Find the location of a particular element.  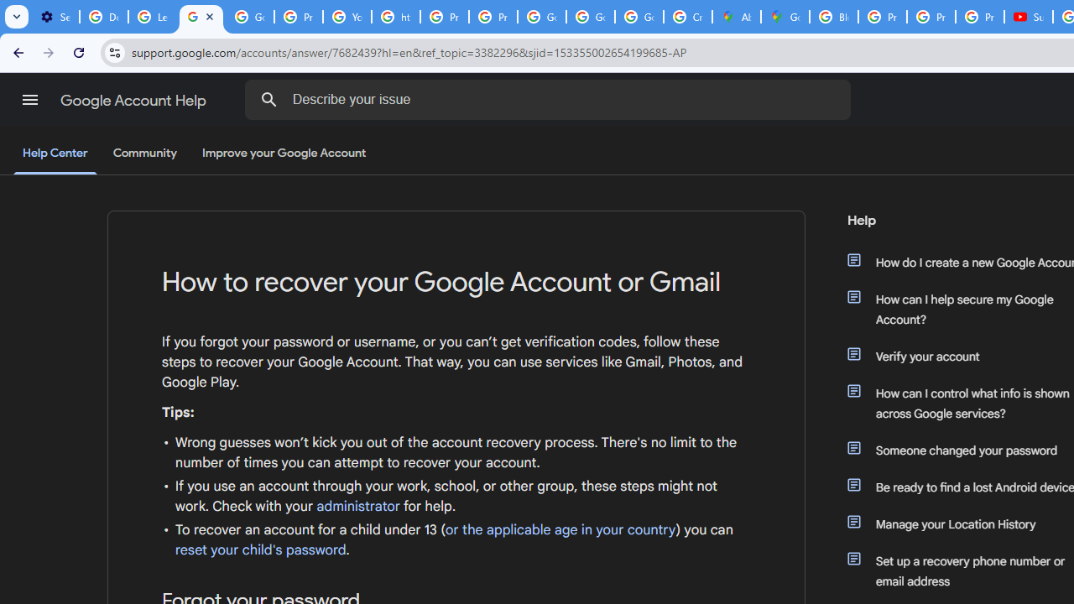

'Describe your issue' is located at coordinates (550, 99).